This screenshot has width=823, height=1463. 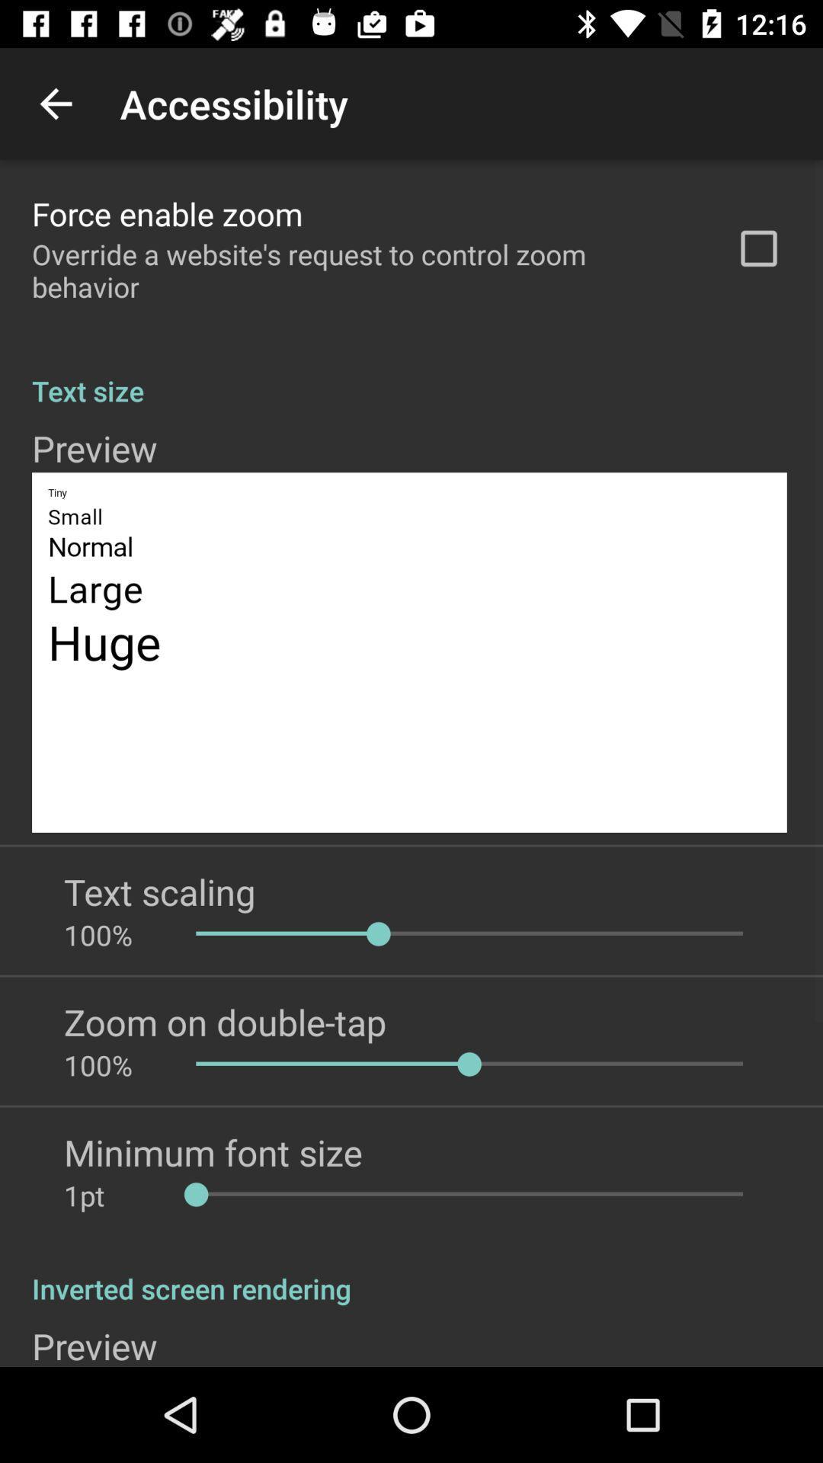 What do you see at coordinates (758, 248) in the screenshot?
I see `app above the text size icon` at bounding box center [758, 248].